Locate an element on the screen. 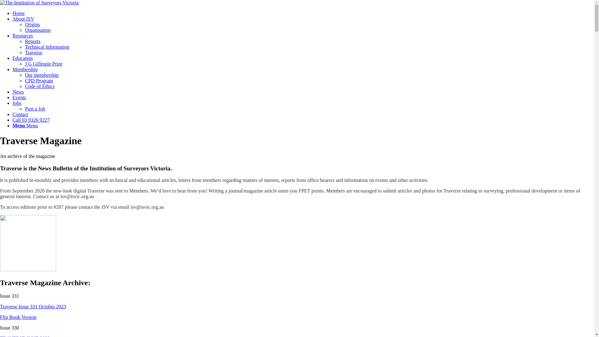  'Reports' is located at coordinates (32, 41).